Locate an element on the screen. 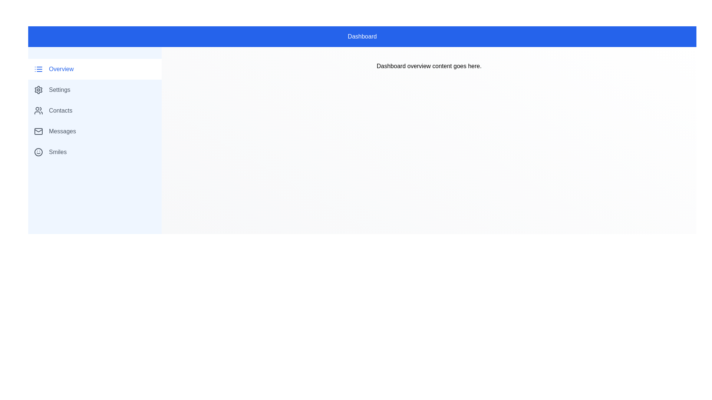  label from the Header or Title Bar which displays 'Dashboard' with a bold blue background and white text, positioned at the top of the page is located at coordinates (362, 37).